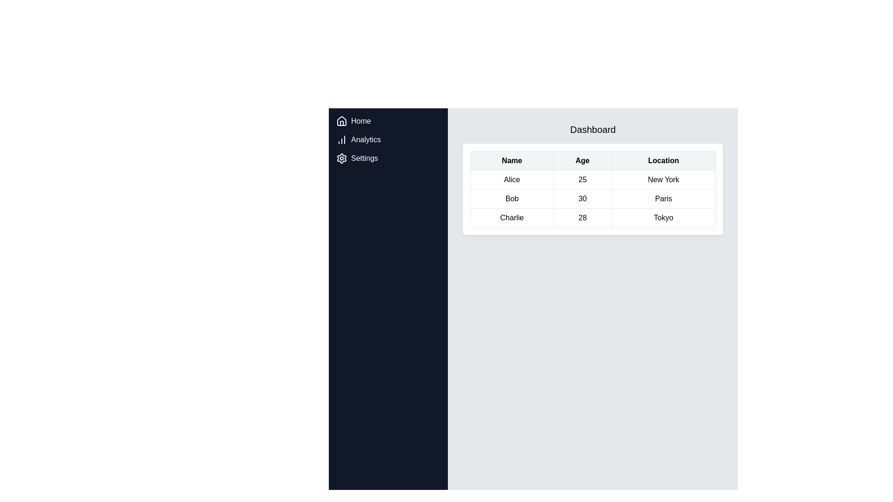 The height and width of the screenshot is (502, 893). I want to click on the label with the text 'Name', which is styled with a light gray background and is the first item in a horizontal row of three labels in the header of a table, so click(511, 160).